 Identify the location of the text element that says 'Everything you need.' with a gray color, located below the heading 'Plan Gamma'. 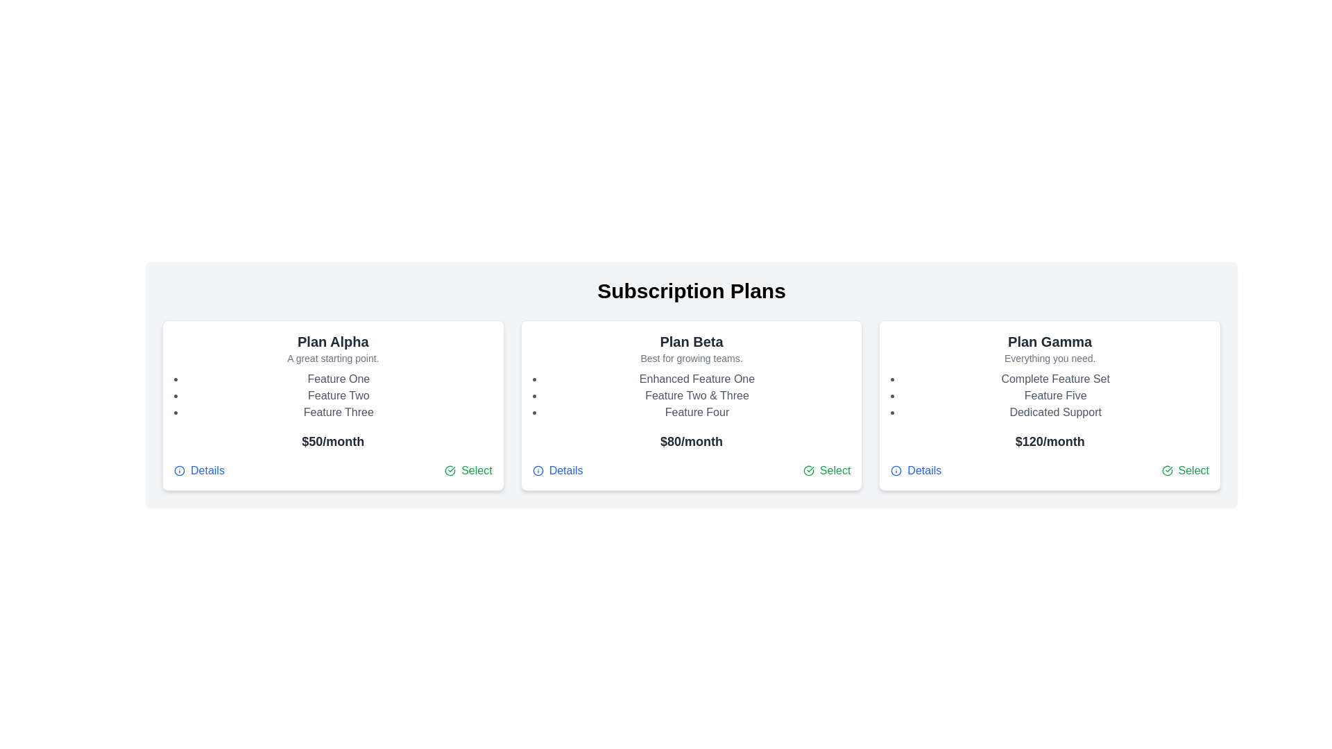
(1050, 357).